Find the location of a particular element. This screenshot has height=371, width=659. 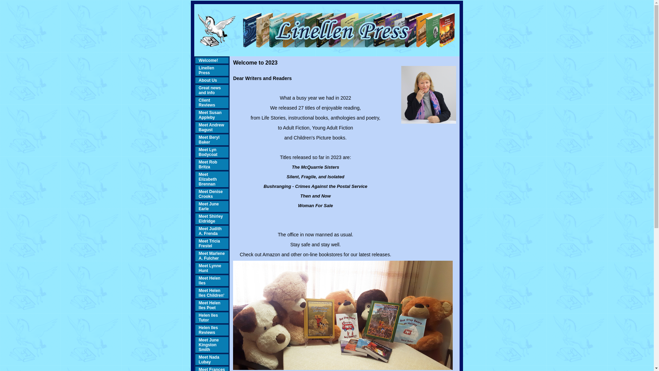

'Meet Andrew Bagust' is located at coordinates (211, 127).